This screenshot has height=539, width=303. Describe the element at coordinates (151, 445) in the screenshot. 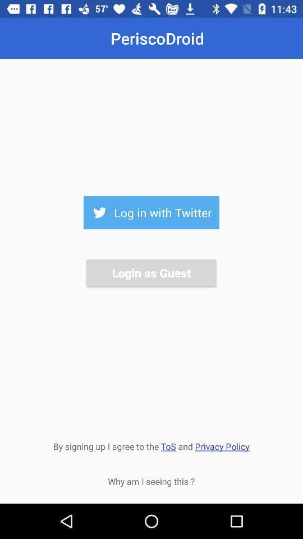

I see `the by signing up icon` at that location.